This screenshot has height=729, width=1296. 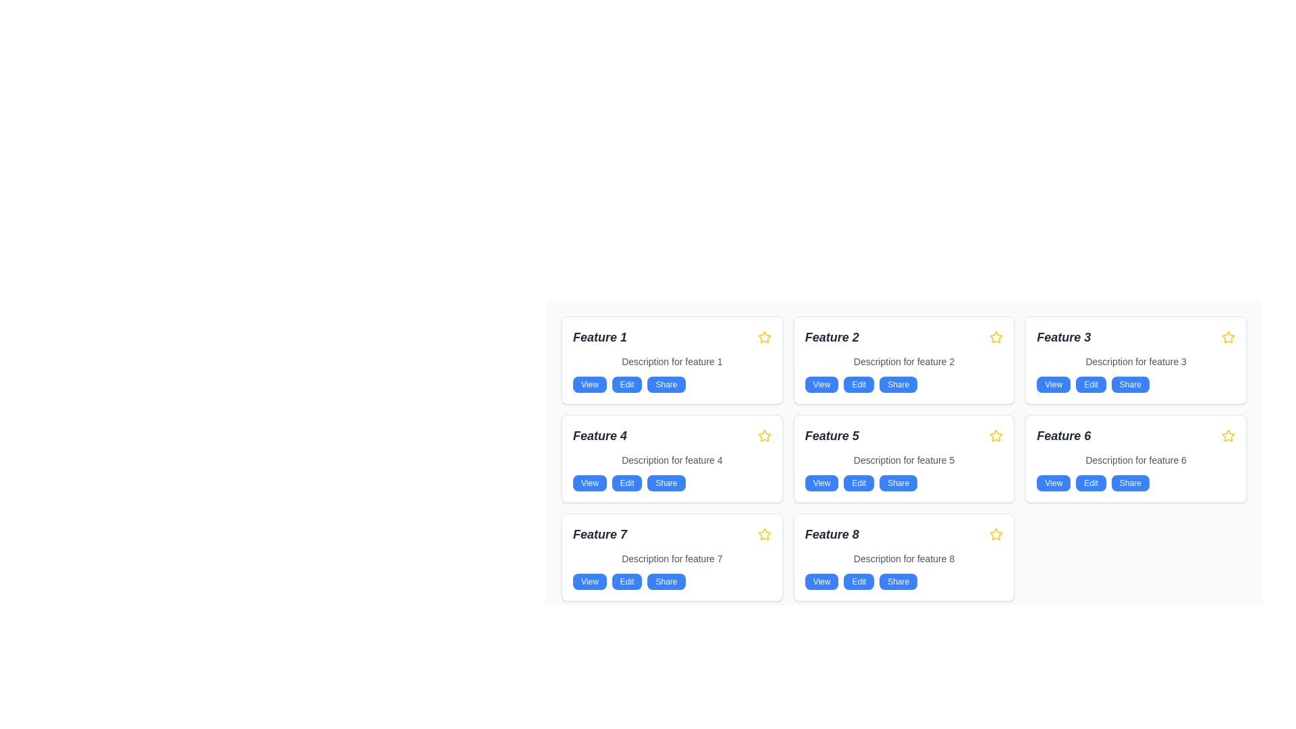 I want to click on the 'Edit' button located under the 'Feature 6' section, so click(x=1091, y=483).